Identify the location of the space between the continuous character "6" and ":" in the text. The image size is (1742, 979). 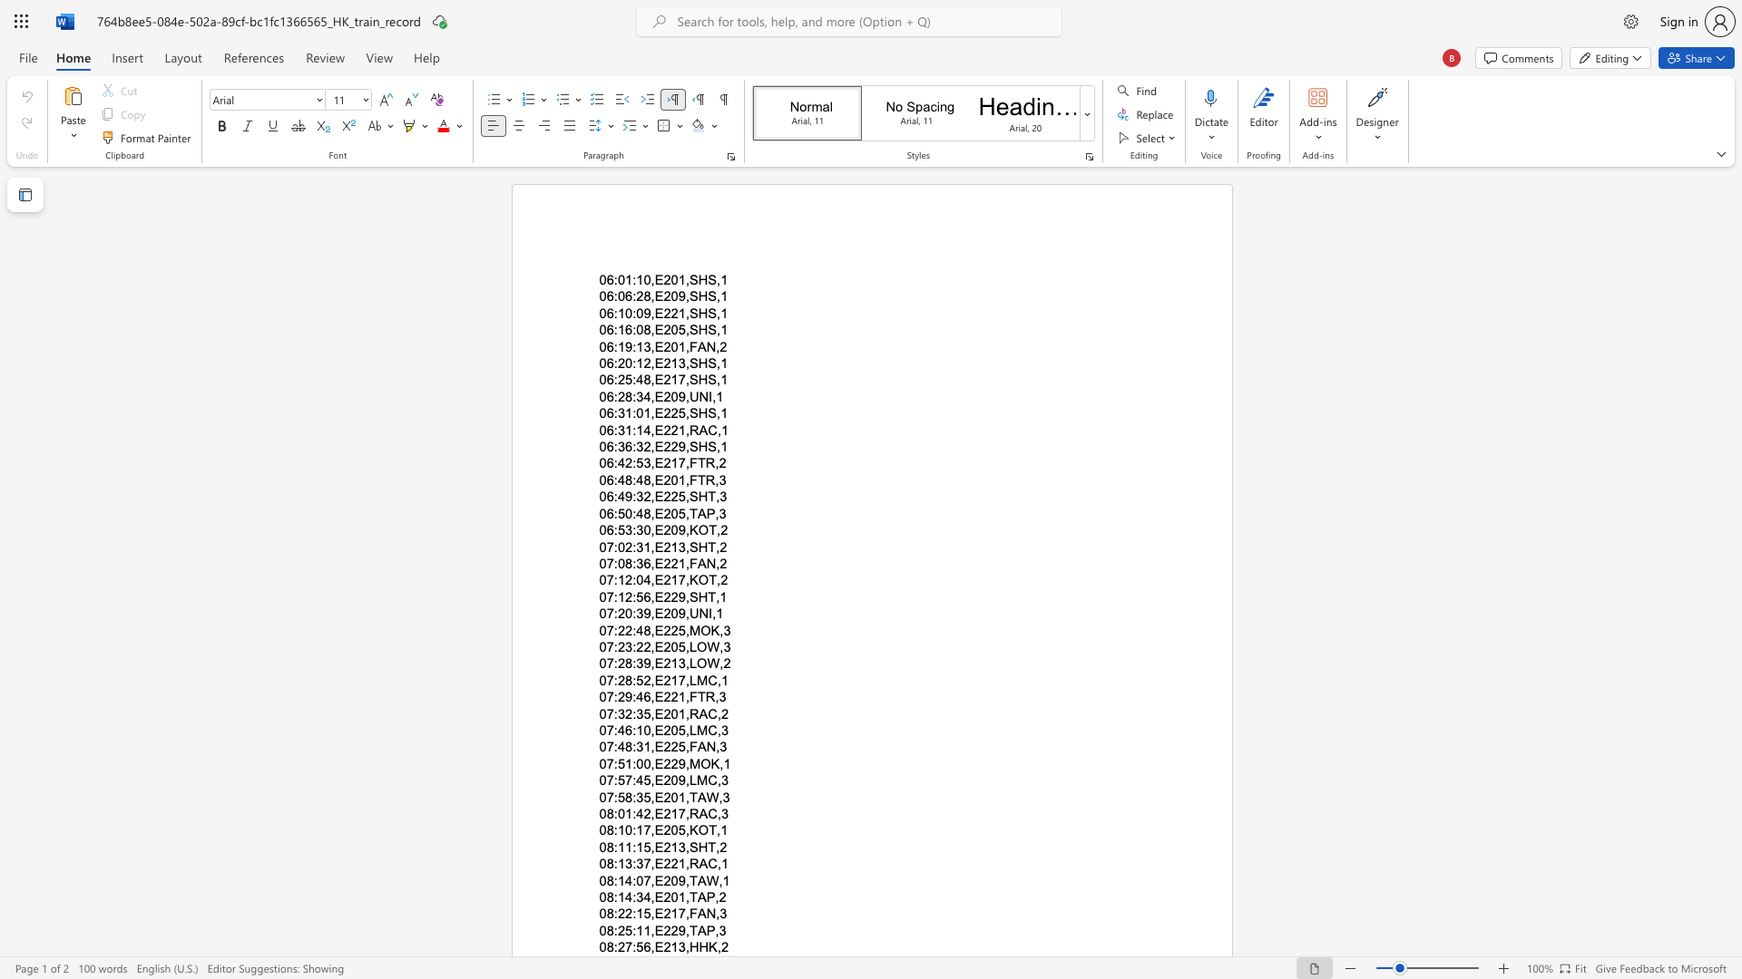
(612, 346).